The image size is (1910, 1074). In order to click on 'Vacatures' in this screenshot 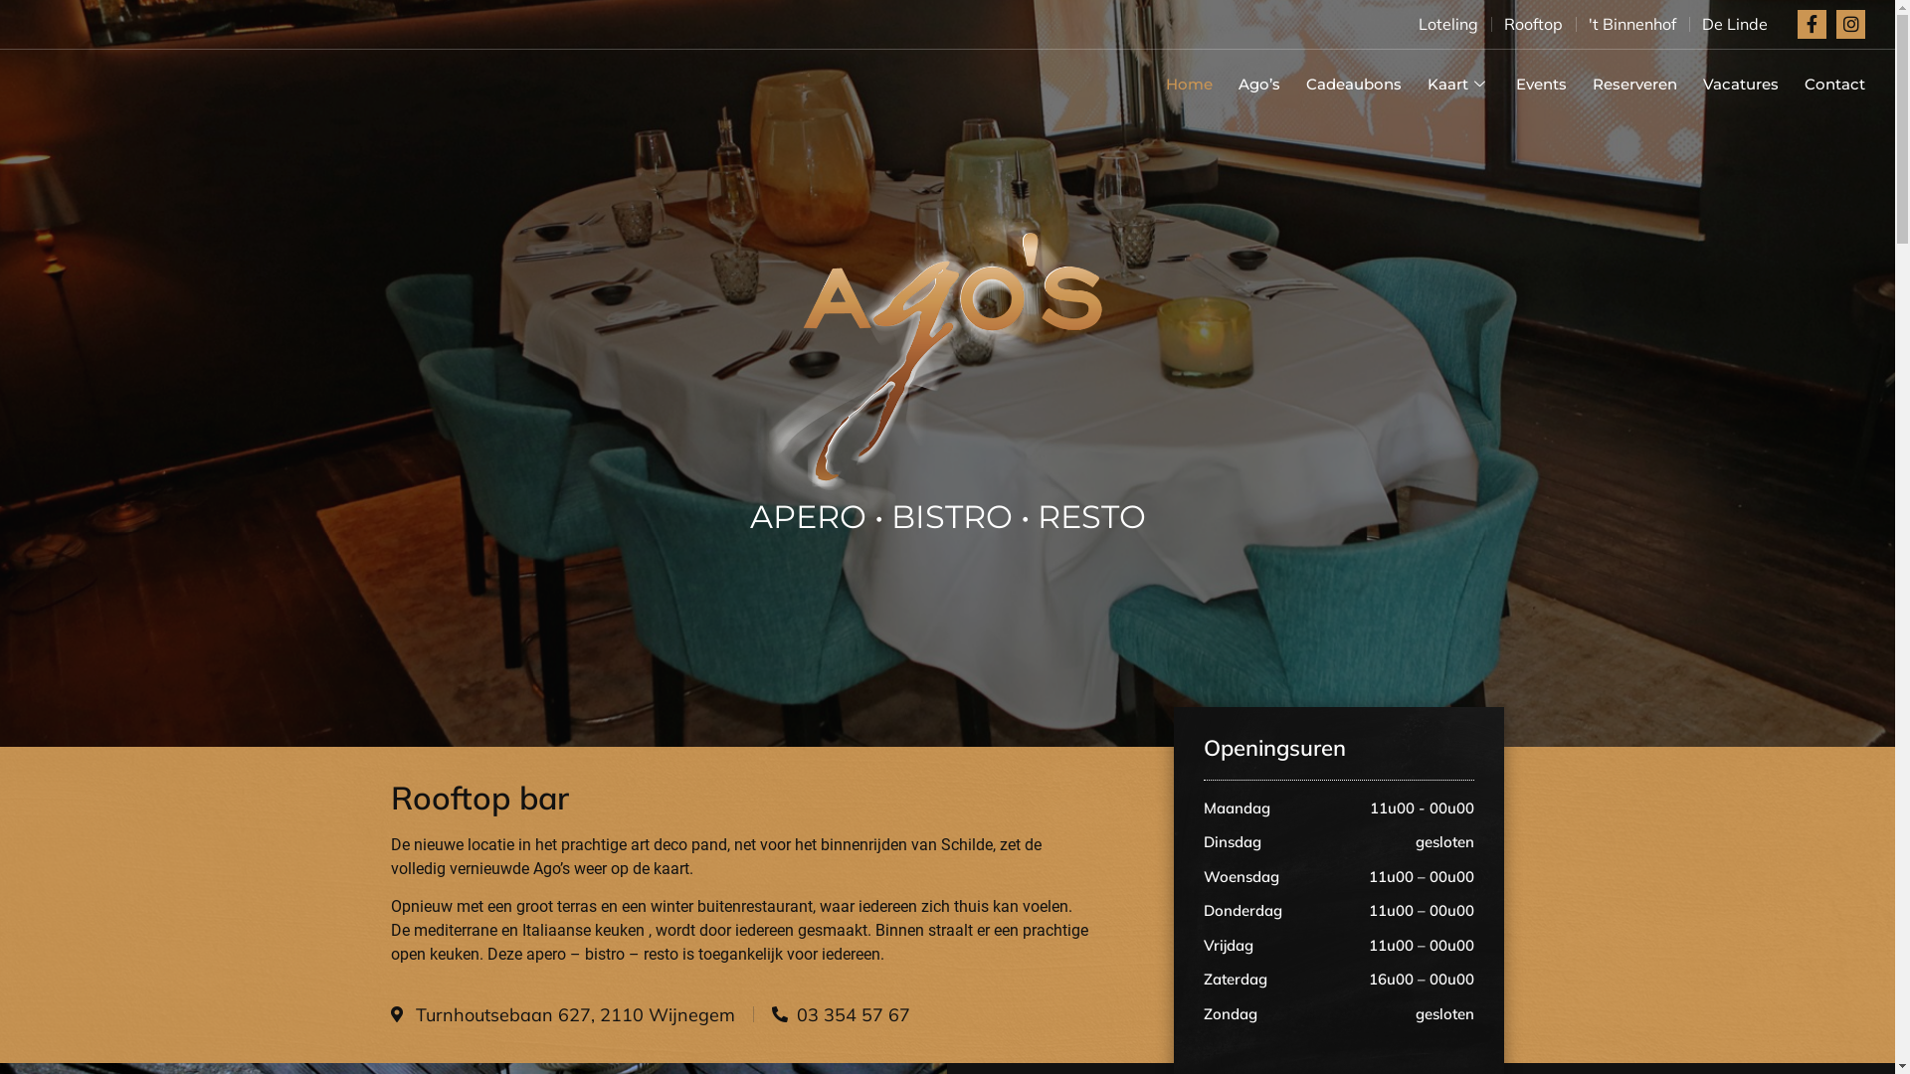, I will do `click(1727, 83)`.